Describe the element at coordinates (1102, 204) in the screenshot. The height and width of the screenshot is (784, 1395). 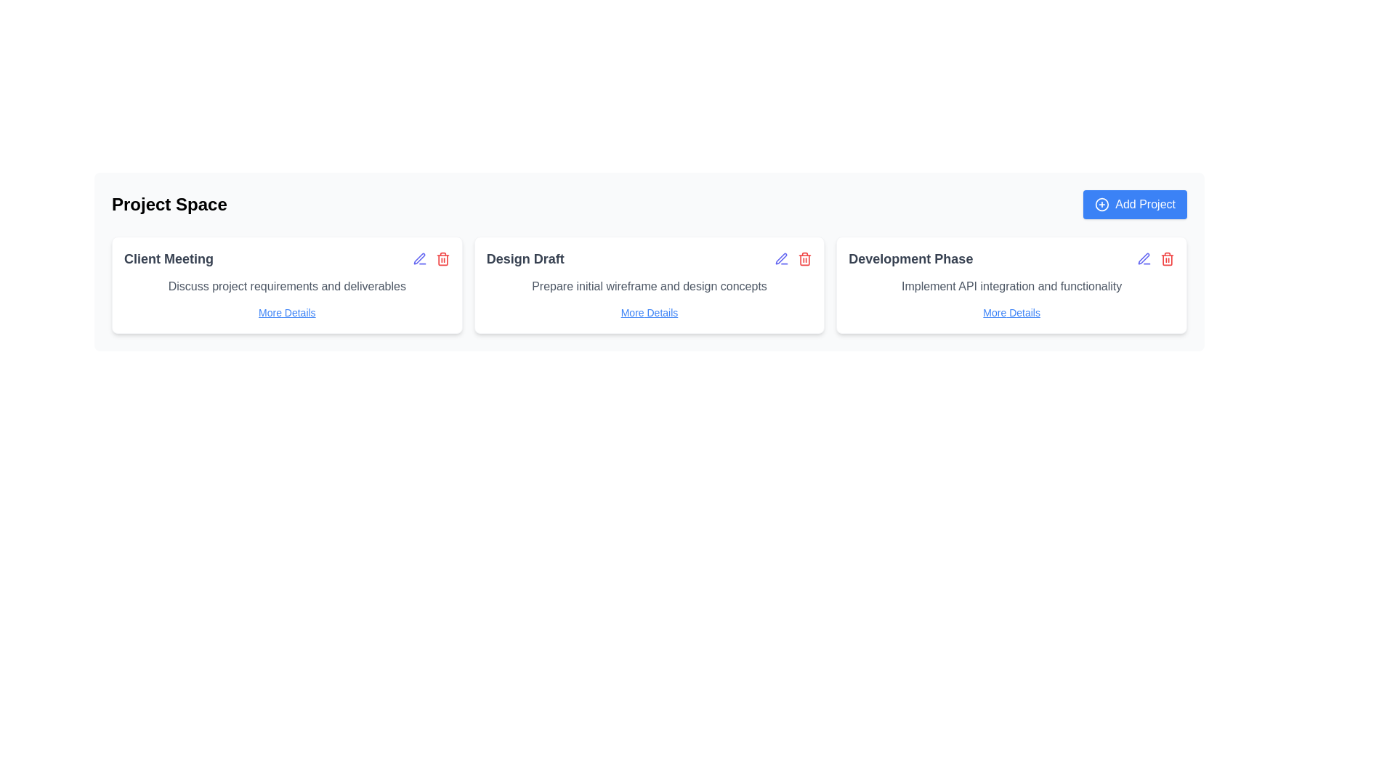
I see `the blue 'Add Project' icon featuring a circle with a plus sign in the center` at that location.